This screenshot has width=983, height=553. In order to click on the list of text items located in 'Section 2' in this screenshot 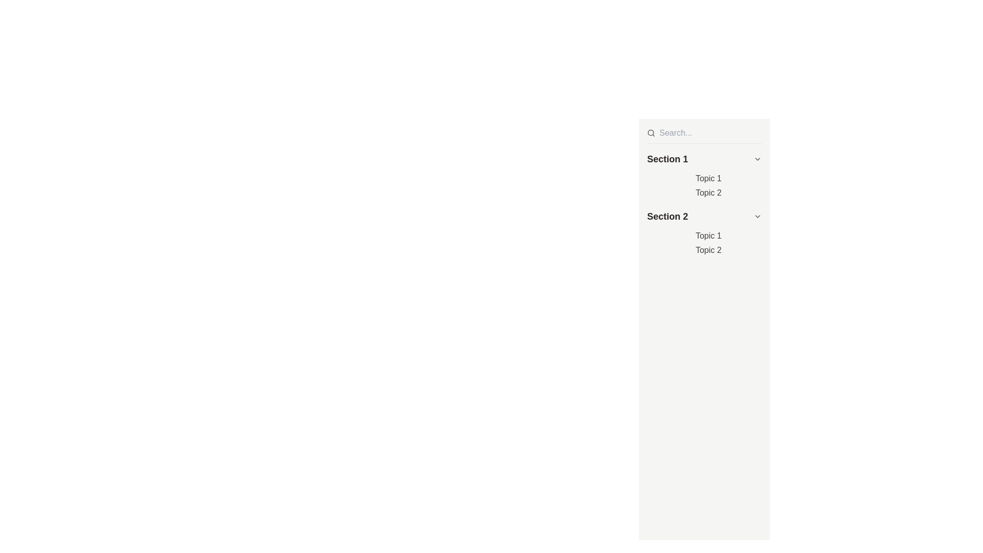, I will do `click(704, 243)`.